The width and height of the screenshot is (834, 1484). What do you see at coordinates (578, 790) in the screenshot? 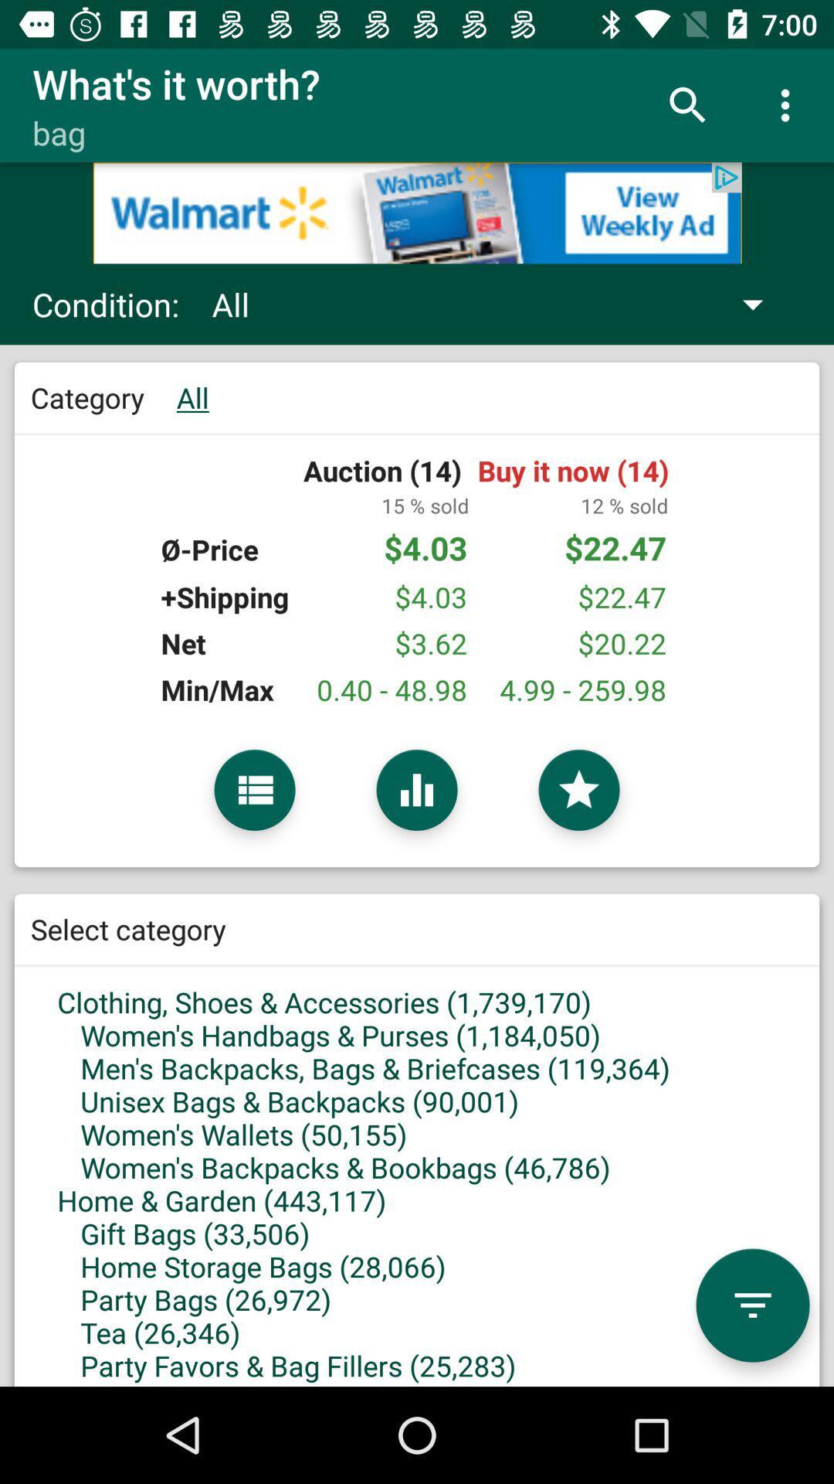
I see `the third icon with star` at bounding box center [578, 790].